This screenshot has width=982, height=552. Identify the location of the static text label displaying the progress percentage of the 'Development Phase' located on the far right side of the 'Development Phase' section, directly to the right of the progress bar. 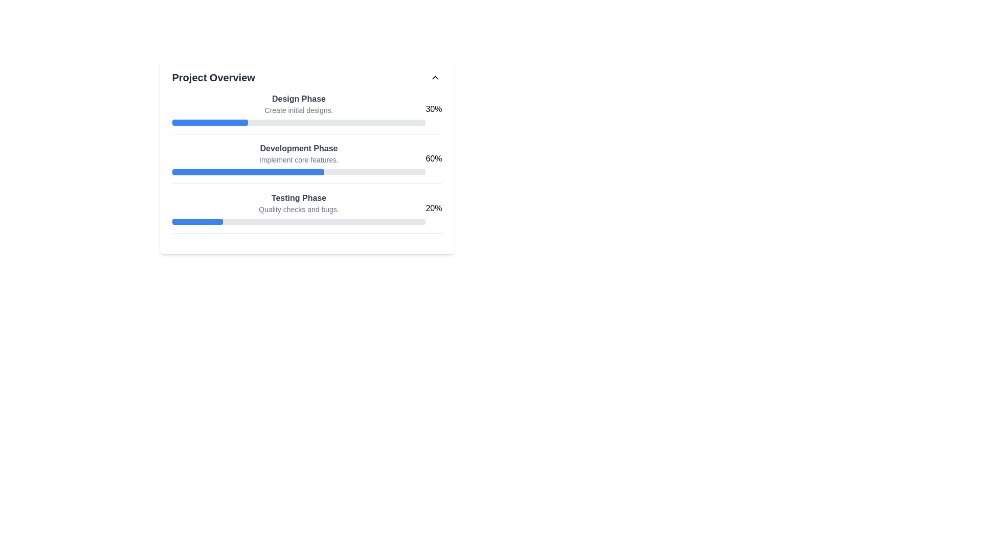
(434, 159).